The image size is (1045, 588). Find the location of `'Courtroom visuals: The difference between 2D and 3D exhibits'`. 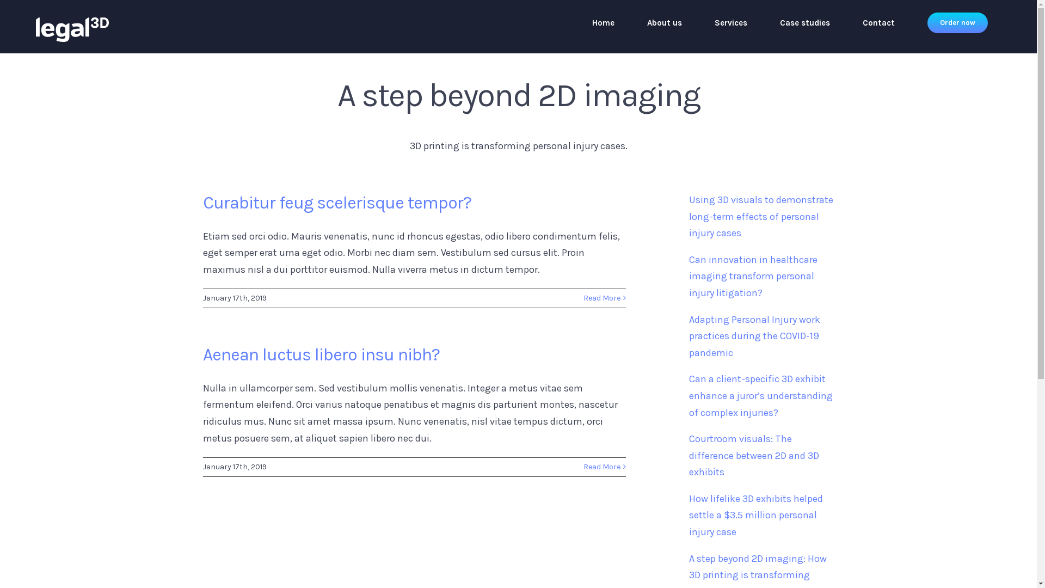

'Courtroom visuals: The difference between 2D and 3D exhibits' is located at coordinates (753, 455).